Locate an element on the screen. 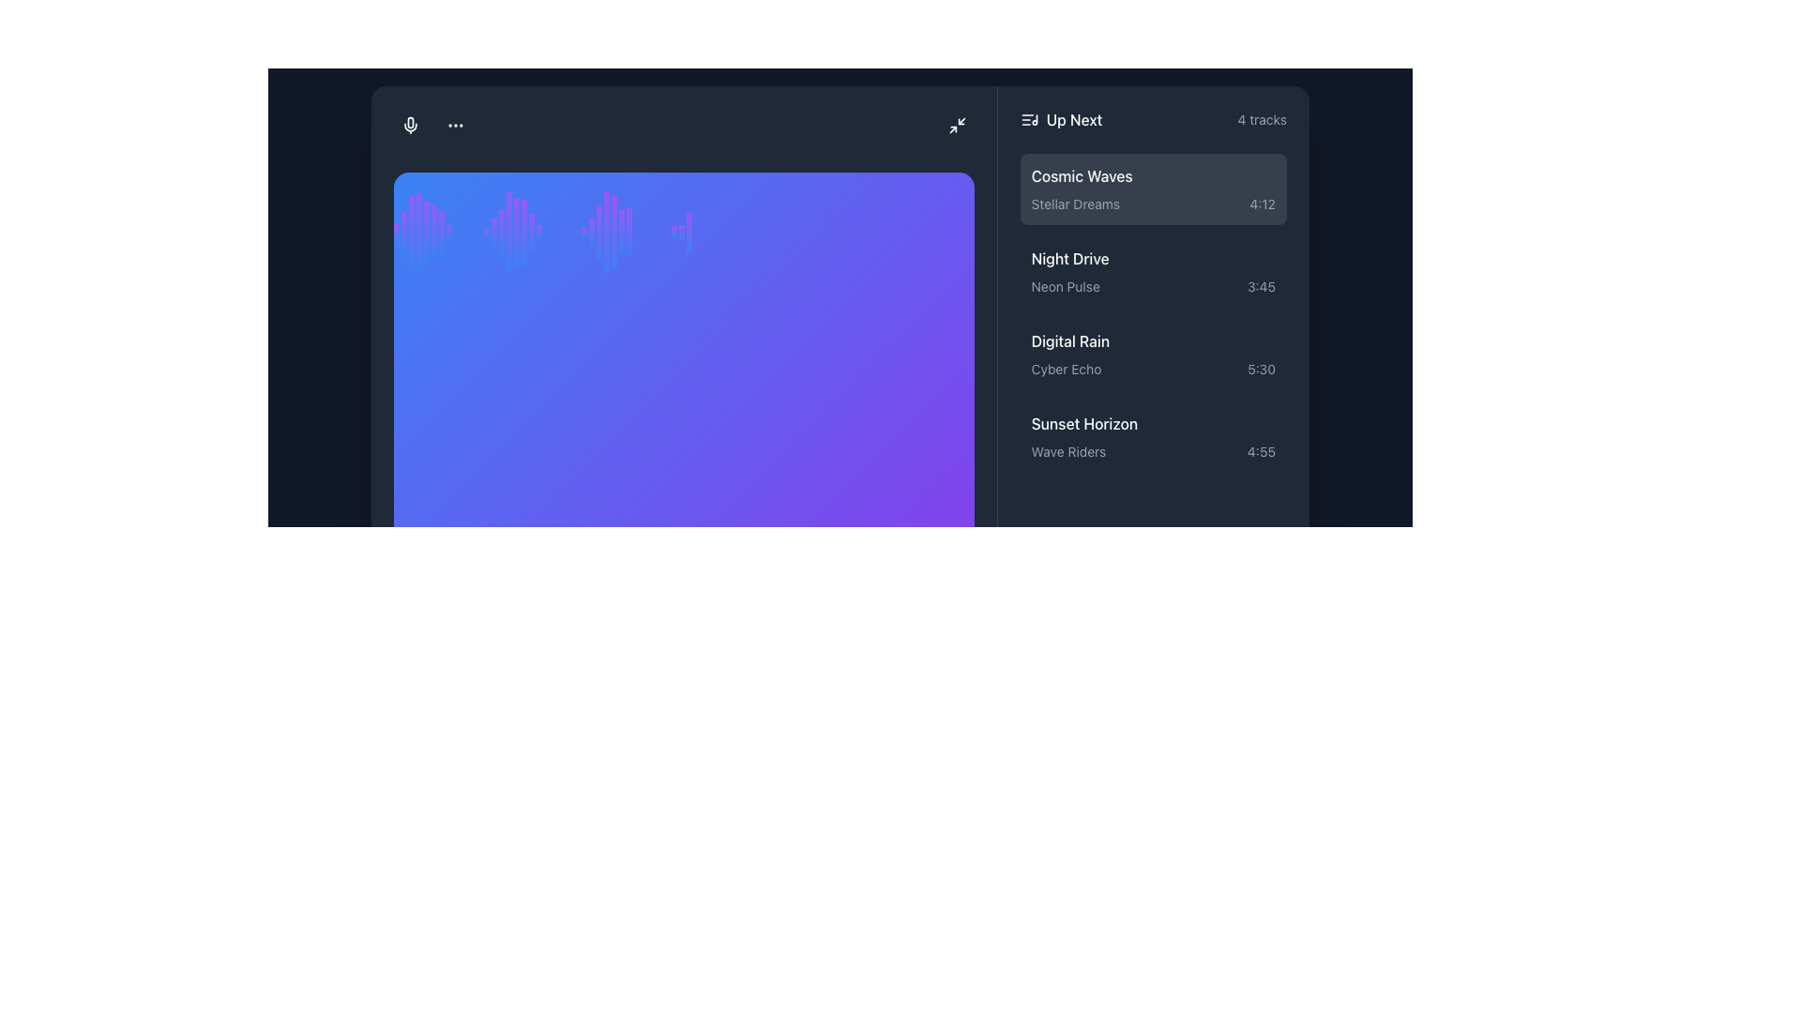 Image resolution: width=1801 pixels, height=1013 pixels. the third item in the 'Up Next' playlist is located at coordinates (1152, 354).